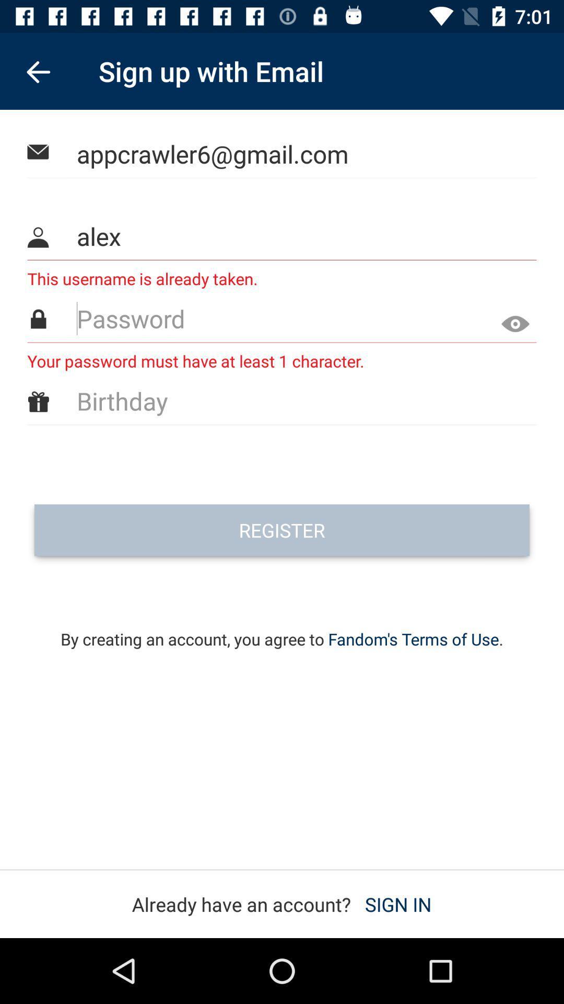 This screenshot has width=564, height=1004. I want to click on the alex, so click(283, 235).